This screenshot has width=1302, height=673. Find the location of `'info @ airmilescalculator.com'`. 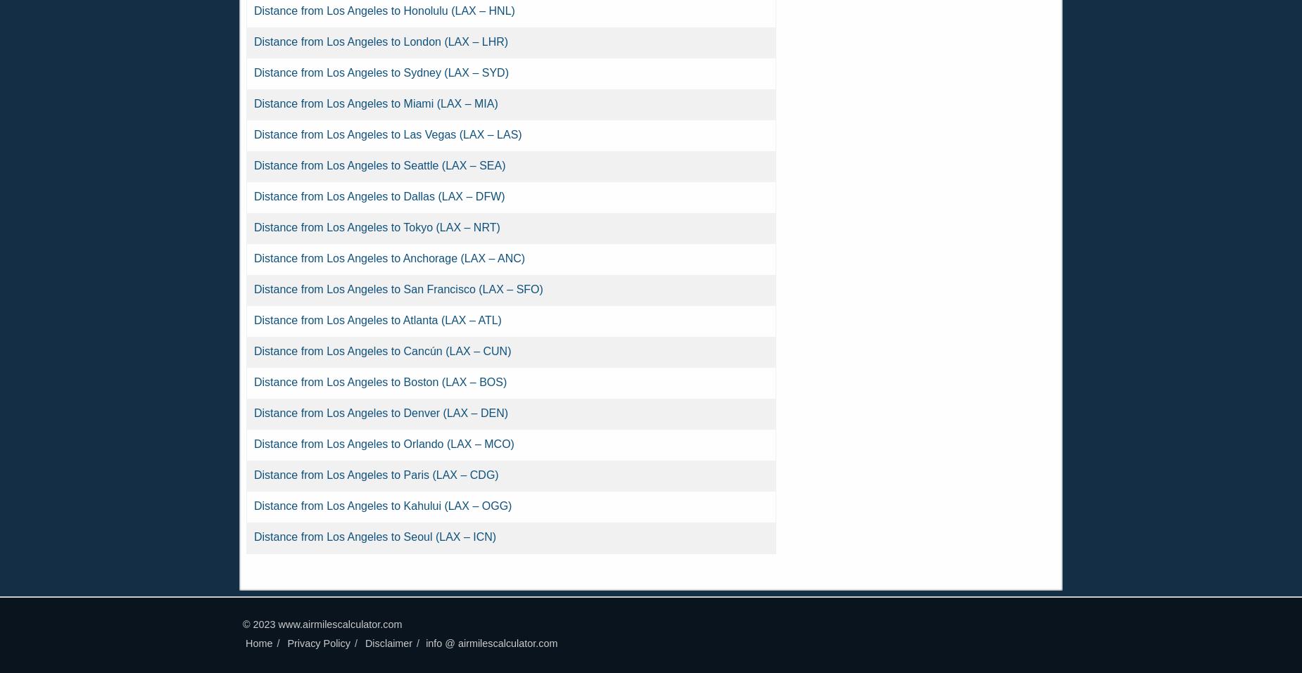

'info @ airmilescalculator.com' is located at coordinates (491, 643).